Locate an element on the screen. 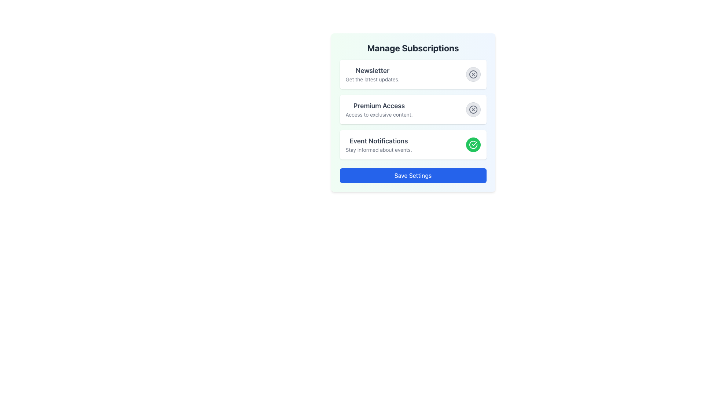  the text label providing supplementary information about the 'Premium Access' option, located beneath the 'Premium Access' label and aligned to its left edge is located at coordinates (379, 114).